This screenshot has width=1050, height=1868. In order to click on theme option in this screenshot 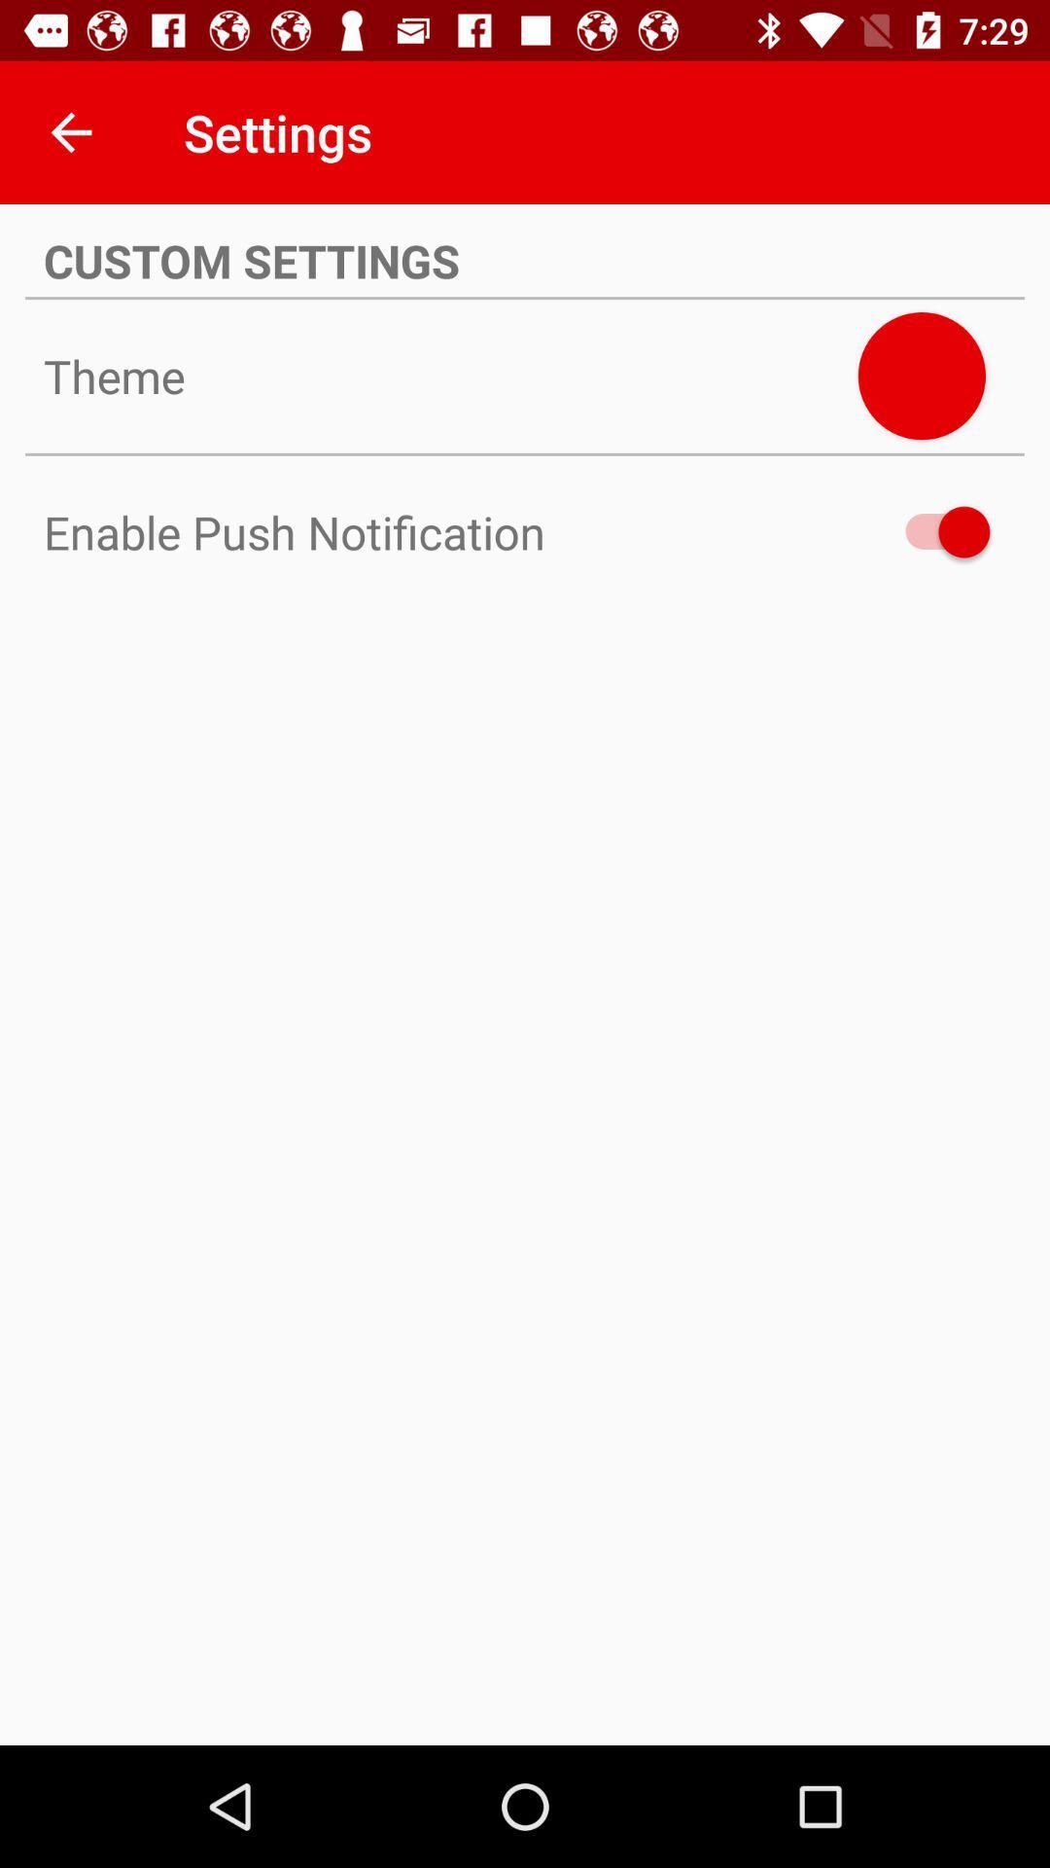, I will do `click(921, 376)`.